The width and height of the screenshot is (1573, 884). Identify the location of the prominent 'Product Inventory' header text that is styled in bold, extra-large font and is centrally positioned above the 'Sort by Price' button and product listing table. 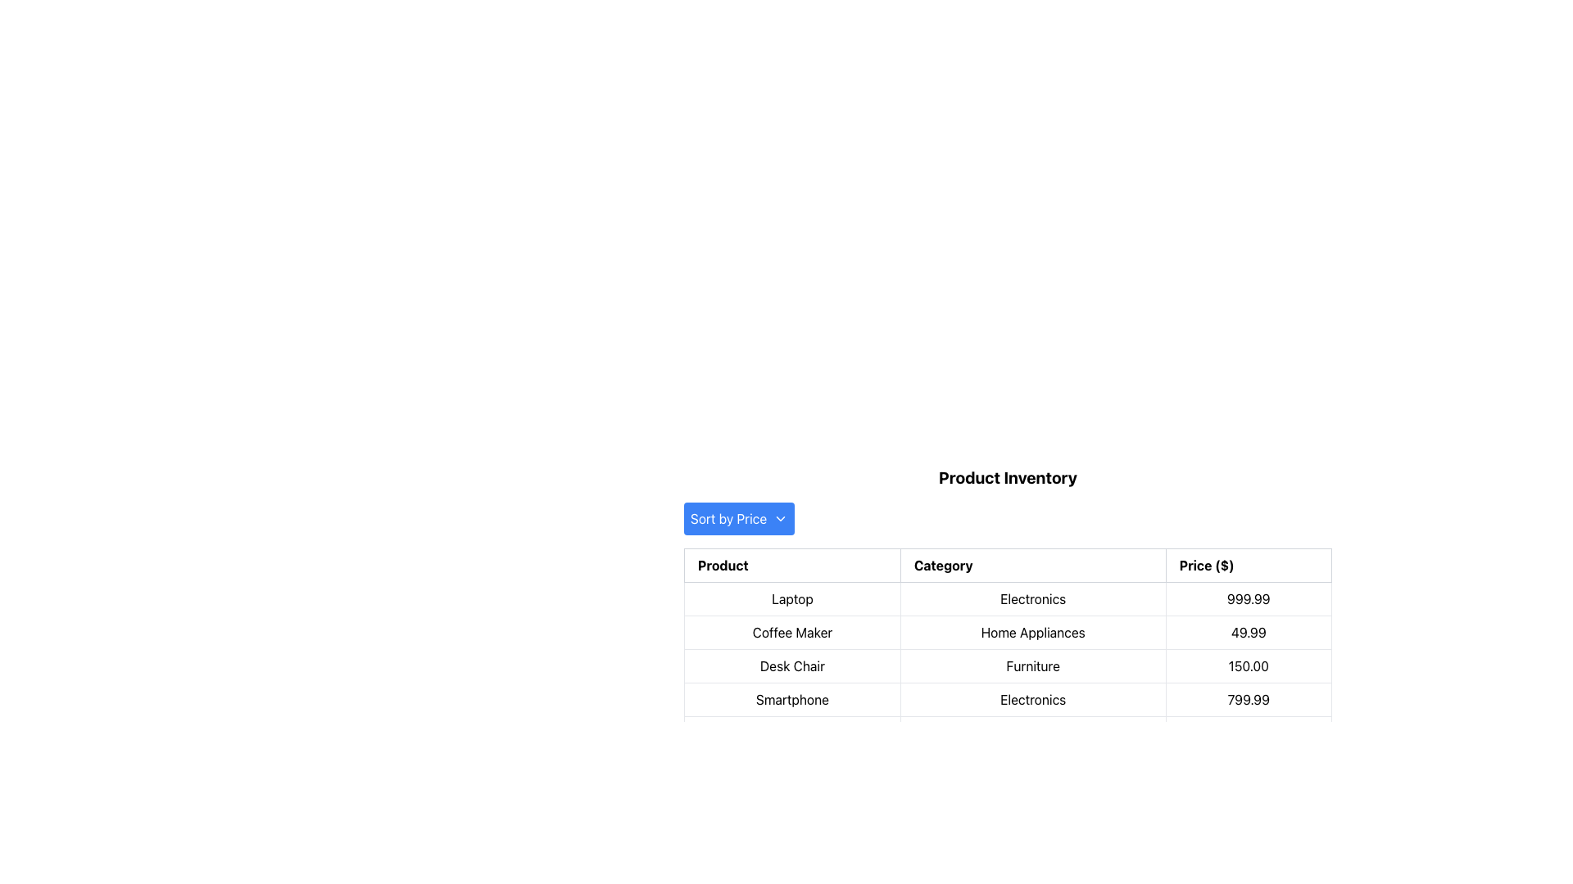
(1007, 477).